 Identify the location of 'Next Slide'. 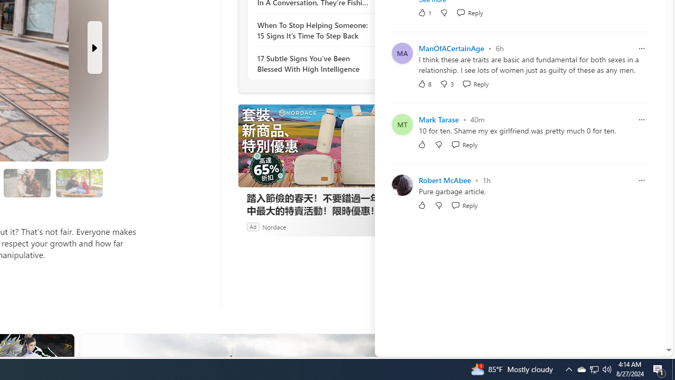
(94, 47).